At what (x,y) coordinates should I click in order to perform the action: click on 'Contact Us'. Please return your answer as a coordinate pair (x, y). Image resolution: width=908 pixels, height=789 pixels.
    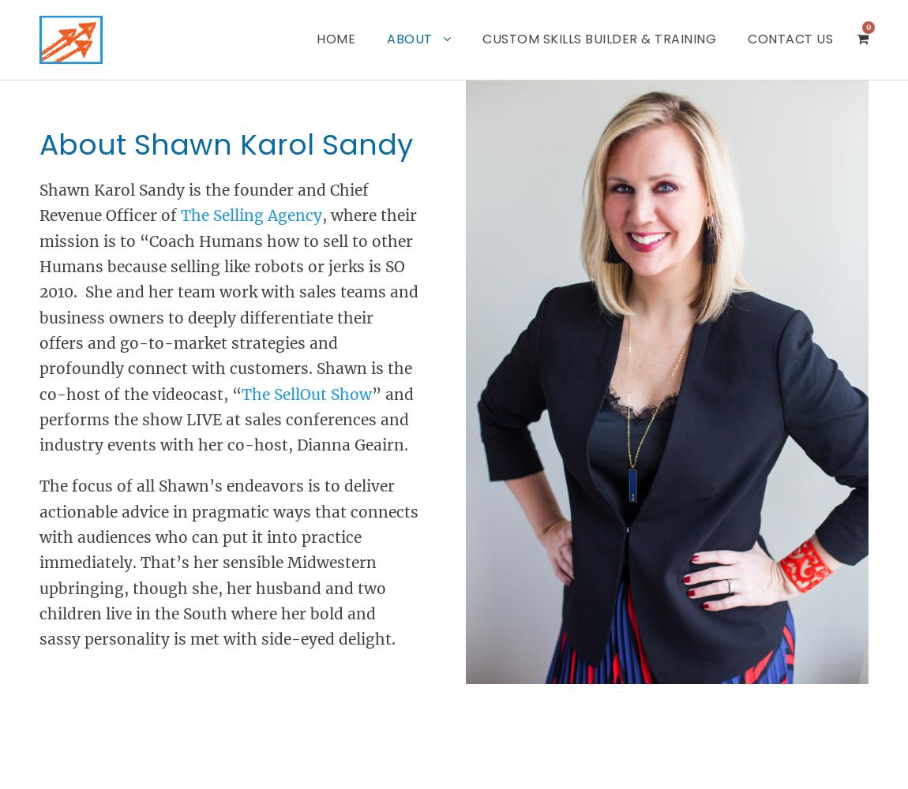
    Looking at the image, I should click on (748, 39).